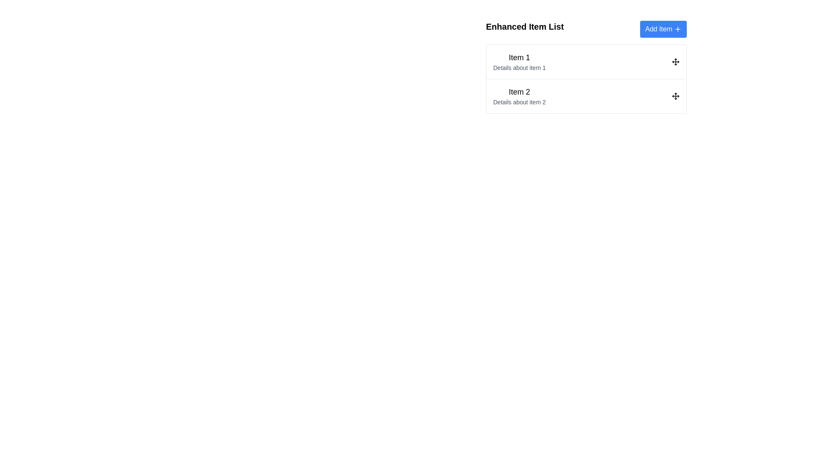 The height and width of the screenshot is (458, 815). I want to click on text content of the descriptive label located below 'Item 1' in the first item card, so click(519, 67).